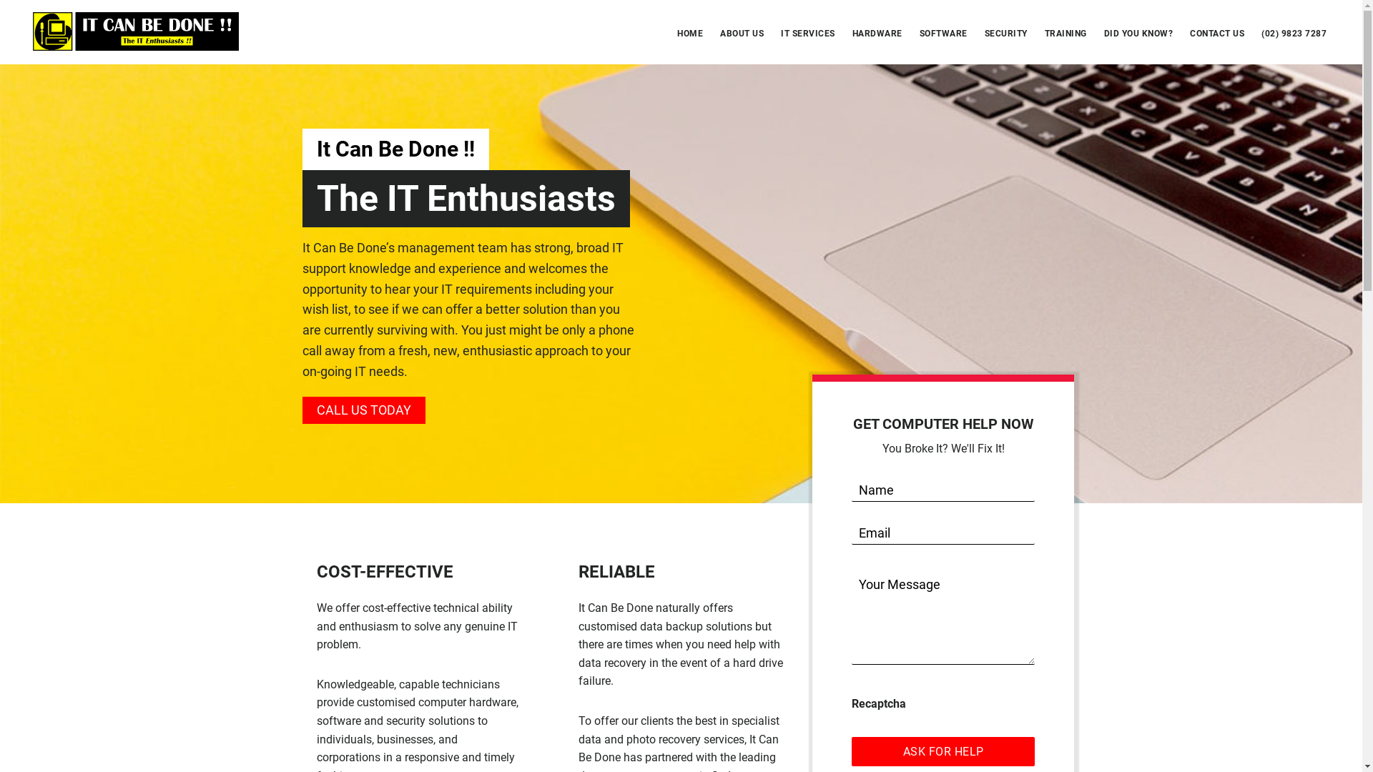  Describe the element at coordinates (1138, 32) in the screenshot. I see `'DID YOU KNOW?'` at that location.